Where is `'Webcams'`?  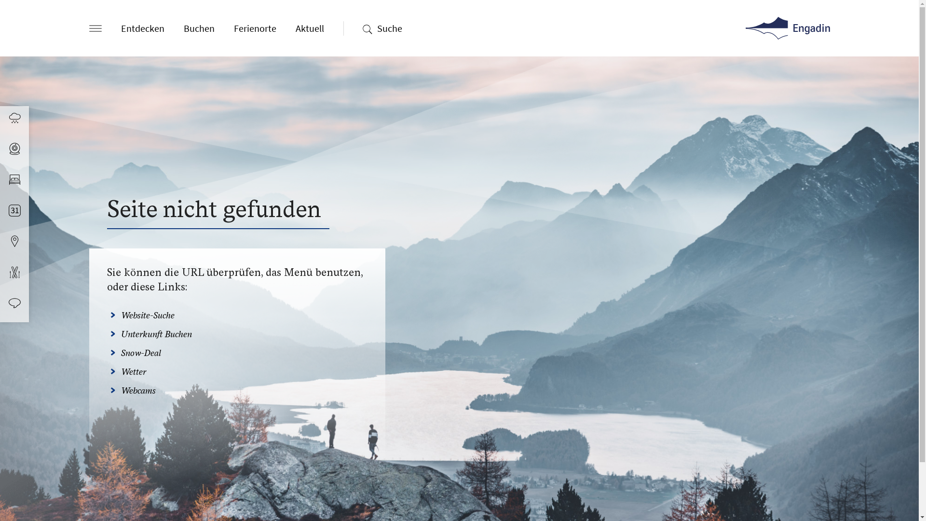
'Webcams' is located at coordinates (137, 390).